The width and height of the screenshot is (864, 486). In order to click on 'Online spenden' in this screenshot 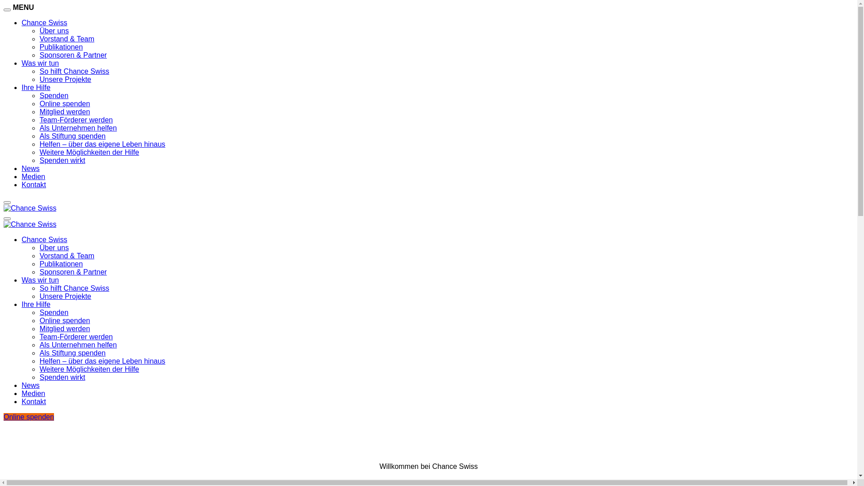, I will do `click(28, 417)`.